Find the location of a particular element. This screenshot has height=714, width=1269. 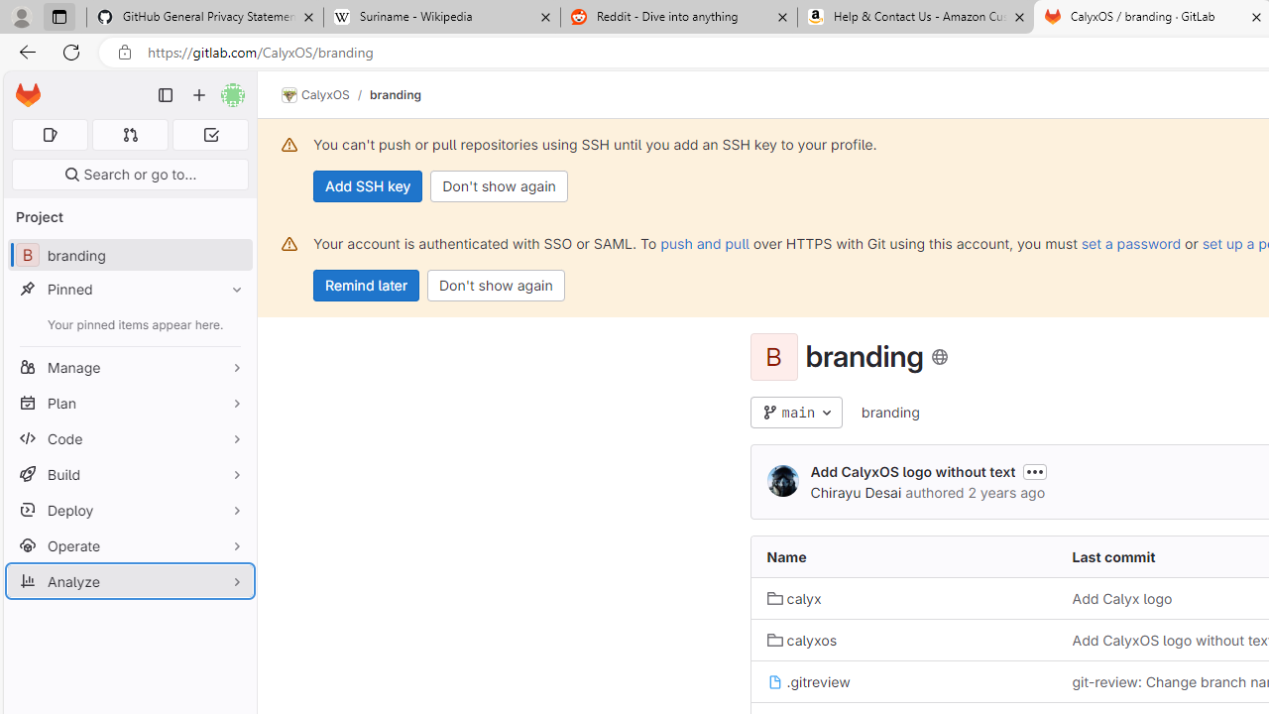

'Analyze' is located at coordinates (129, 580).